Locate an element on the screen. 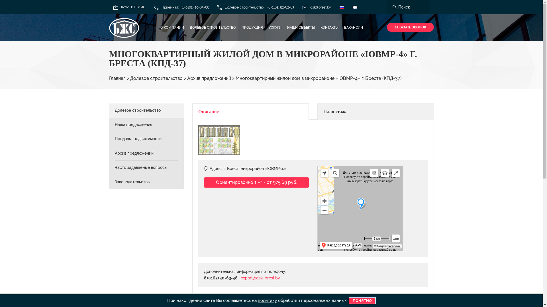  'dsk@brest.by' is located at coordinates (316, 7).